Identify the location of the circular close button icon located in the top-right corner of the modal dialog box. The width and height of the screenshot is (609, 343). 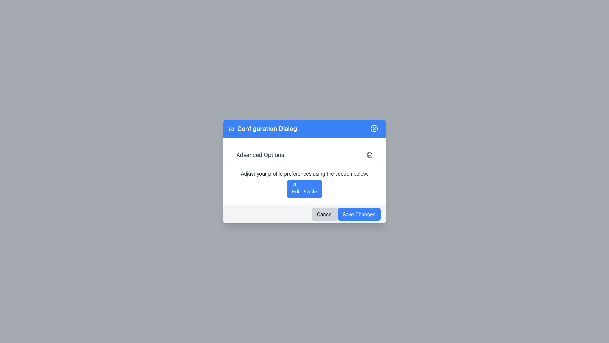
(374, 129).